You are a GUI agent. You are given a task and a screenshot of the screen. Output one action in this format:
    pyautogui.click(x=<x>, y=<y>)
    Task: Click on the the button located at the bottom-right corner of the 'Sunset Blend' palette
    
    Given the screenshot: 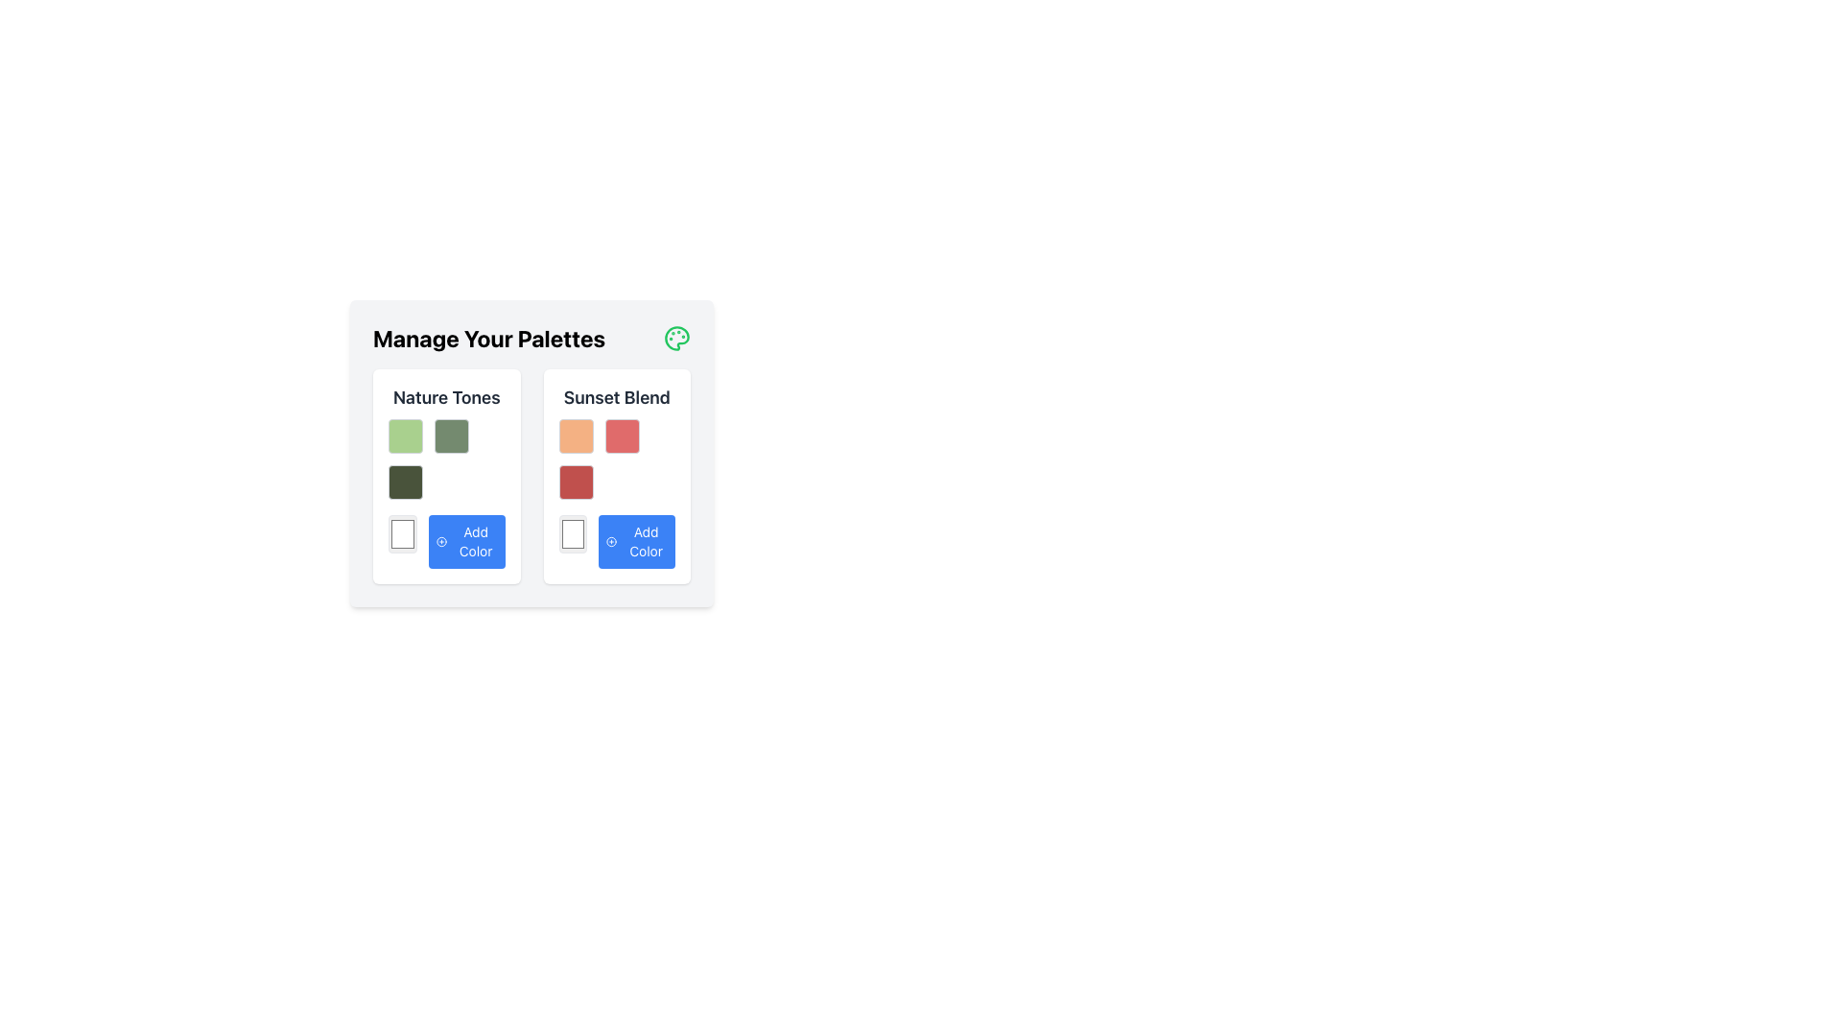 What is the action you would take?
    pyautogui.click(x=636, y=541)
    